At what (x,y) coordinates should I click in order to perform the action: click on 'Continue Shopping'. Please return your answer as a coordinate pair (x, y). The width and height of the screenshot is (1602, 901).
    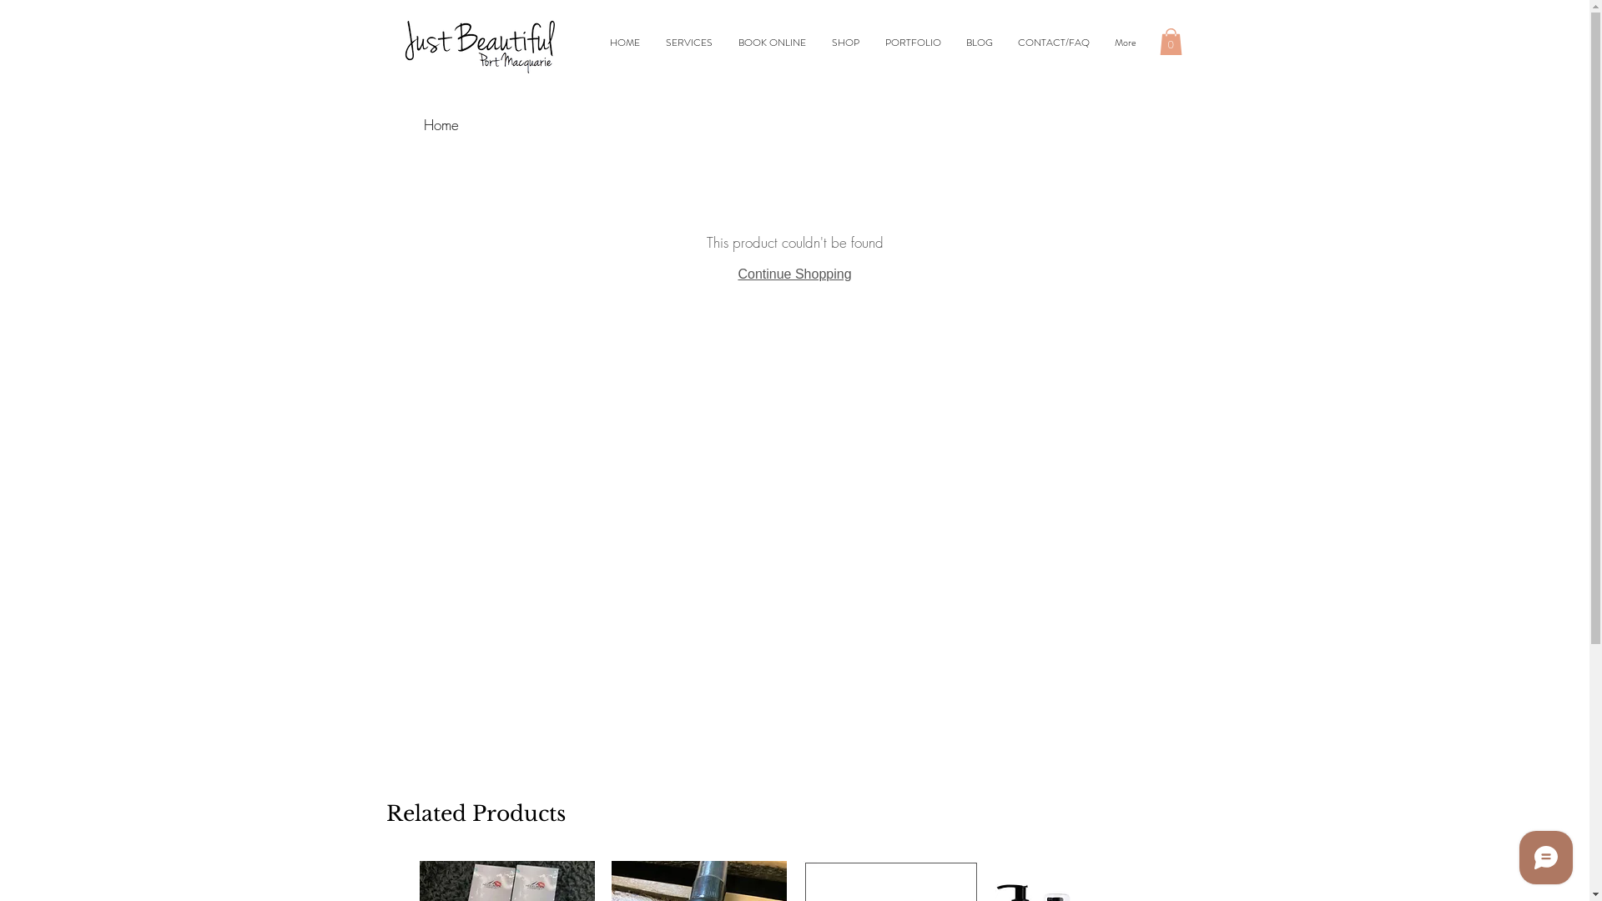
    Looking at the image, I should click on (736, 273).